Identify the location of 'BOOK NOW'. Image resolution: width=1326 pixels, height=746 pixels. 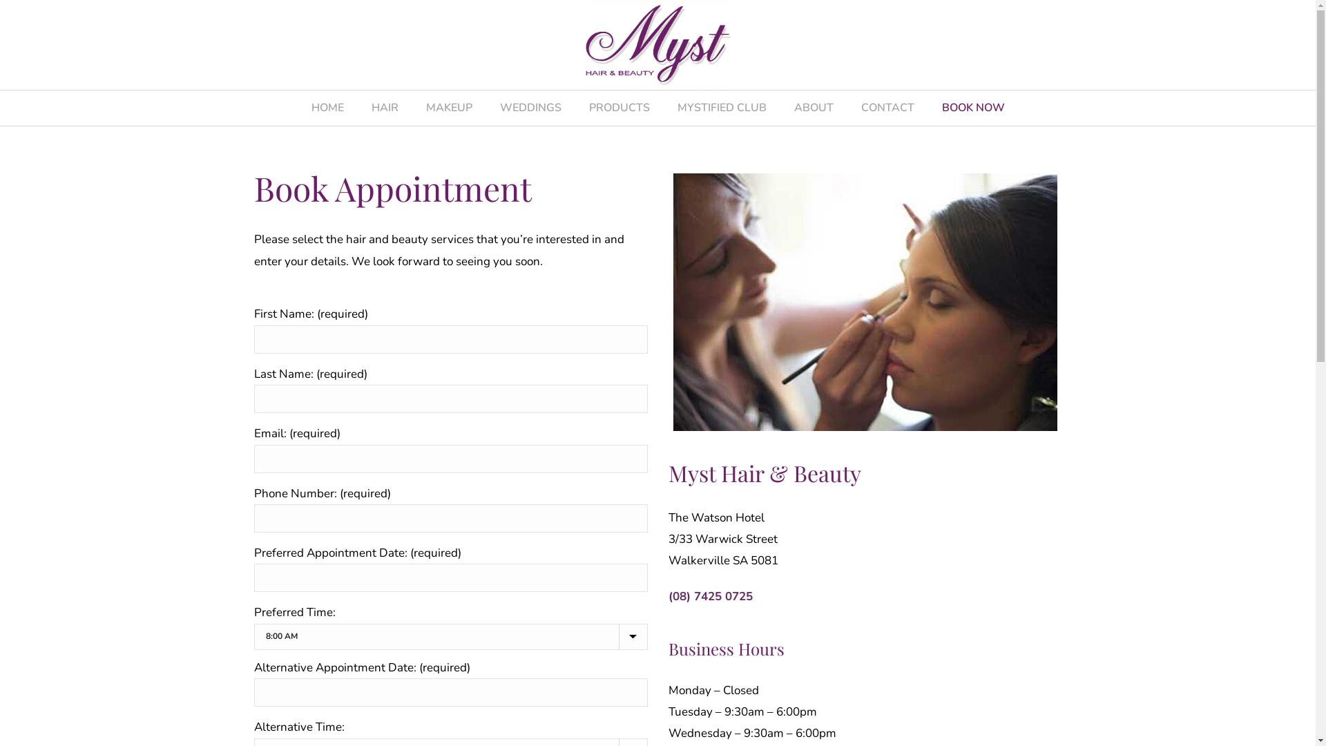
(972, 107).